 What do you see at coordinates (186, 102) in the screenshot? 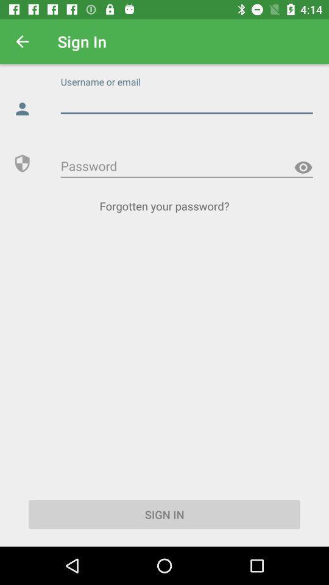
I see `username or email input` at bounding box center [186, 102].